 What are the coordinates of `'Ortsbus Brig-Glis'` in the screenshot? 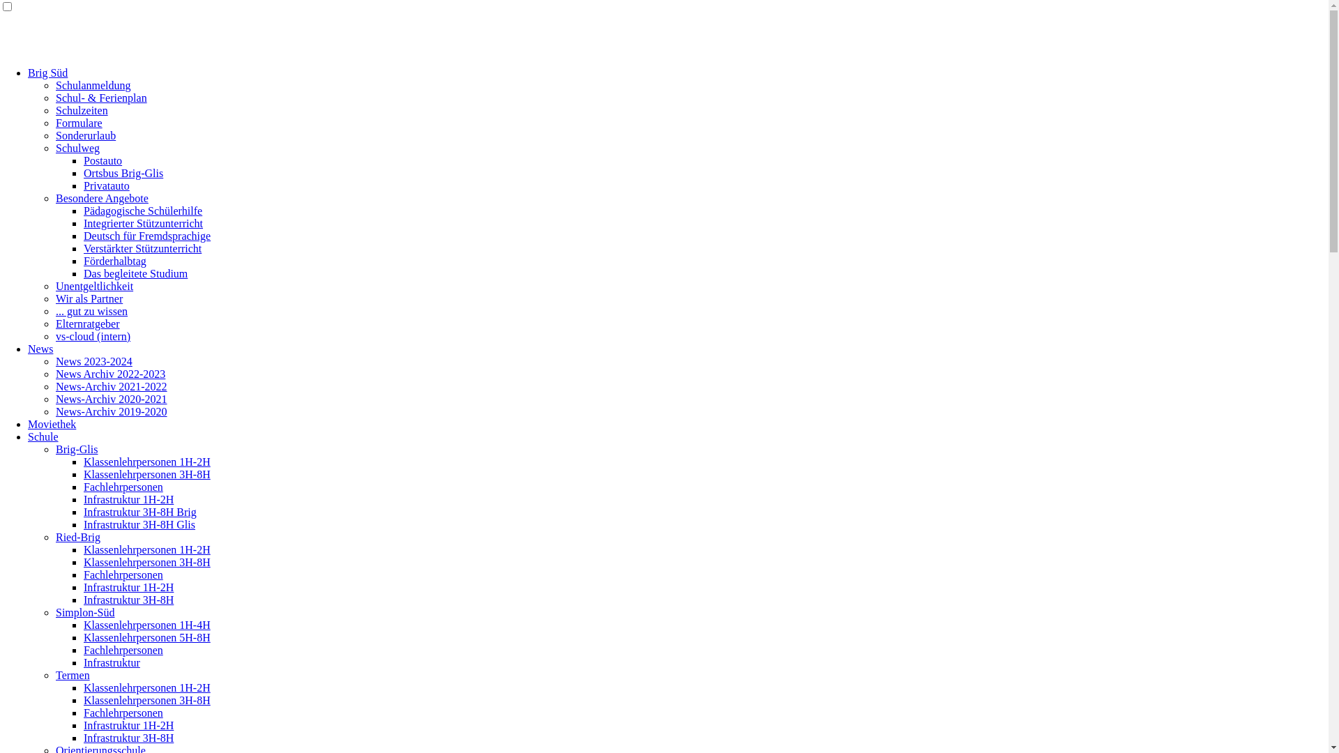 It's located at (83, 172).